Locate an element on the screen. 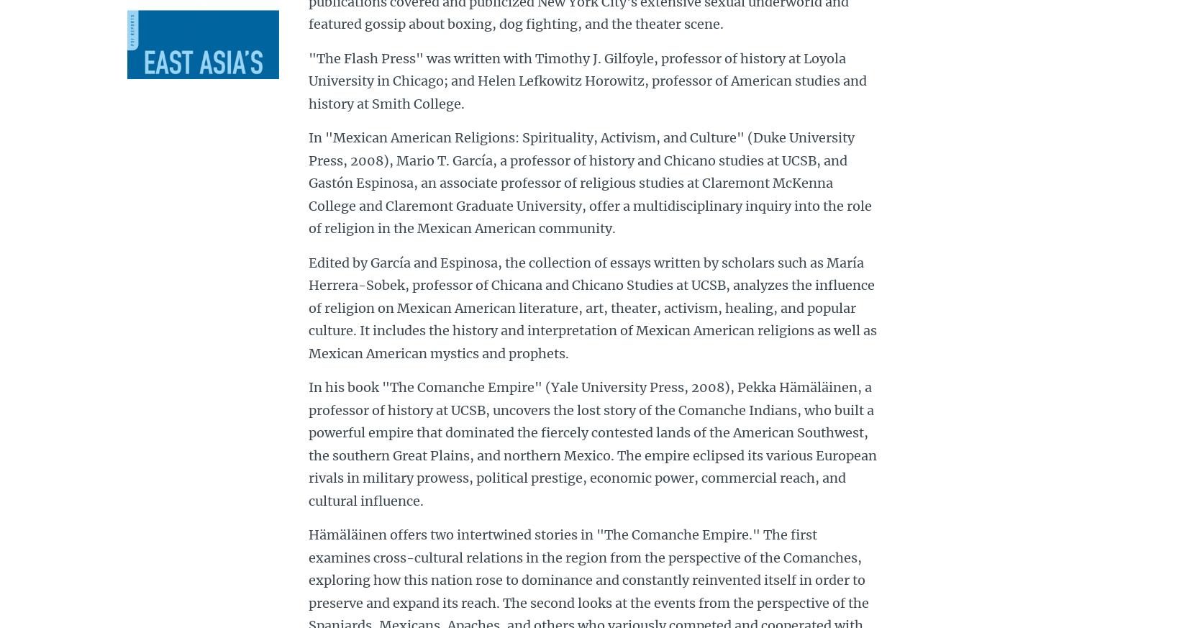 This screenshot has width=1187, height=628. 'The University of California, Santa Barbara is a leading research institution that also provides a comprehensive liberal arts learning experience. Our academic community of faculty, students, and staff is characterized by a culture of interdisciplinary collaboration that is responsive to the needs of our multicultural and global society. All of this takes place within a living and learning environment like no other, as we draw inspiration from the beauty and resources of our extraordinary location at the edge of the Pacific Ocean.' is located at coordinates (127, 111).